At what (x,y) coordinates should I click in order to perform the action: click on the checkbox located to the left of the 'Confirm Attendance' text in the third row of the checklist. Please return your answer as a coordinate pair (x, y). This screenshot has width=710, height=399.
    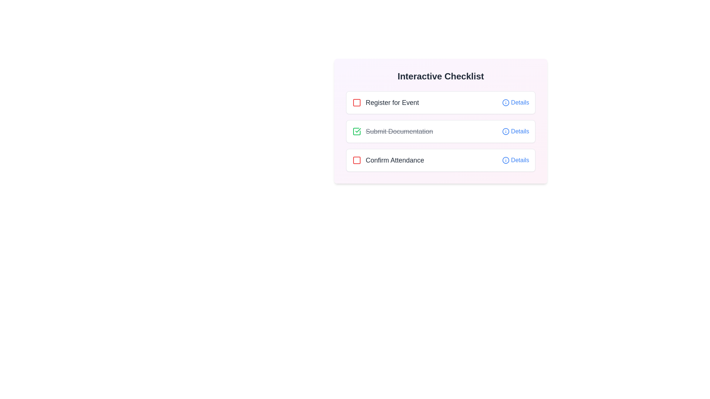
    Looking at the image, I should click on (356, 160).